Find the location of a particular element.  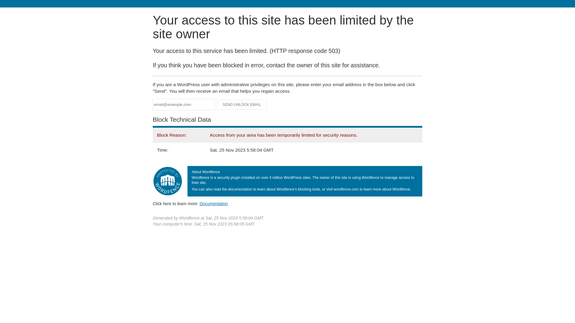

'Send Unlock Email' is located at coordinates (242, 104).